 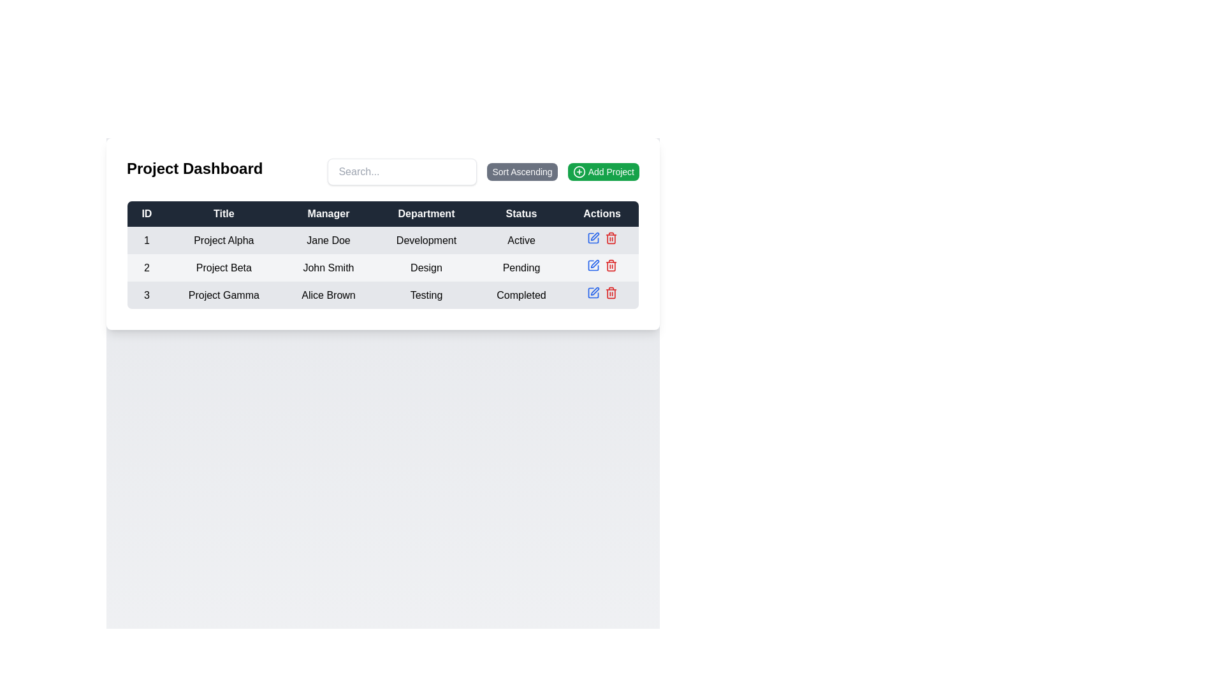 What do you see at coordinates (601, 213) in the screenshot?
I see `the 'Actions' table header element, which is styled with padding and is the last column header adjacent to 'Status'` at bounding box center [601, 213].